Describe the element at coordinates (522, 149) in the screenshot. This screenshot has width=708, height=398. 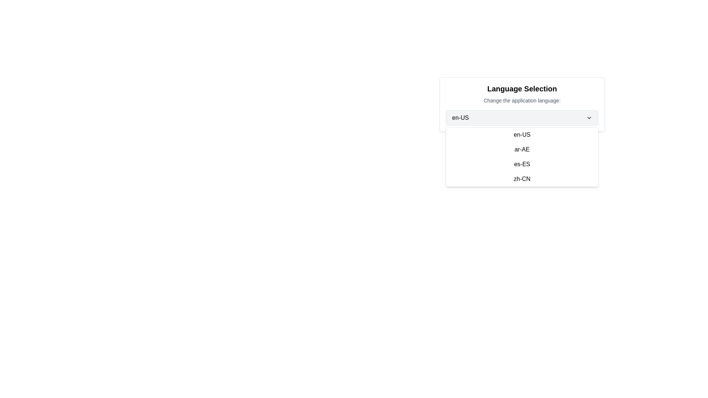
I see `the 'ar-AE' language option in the dropdown menu` at that location.